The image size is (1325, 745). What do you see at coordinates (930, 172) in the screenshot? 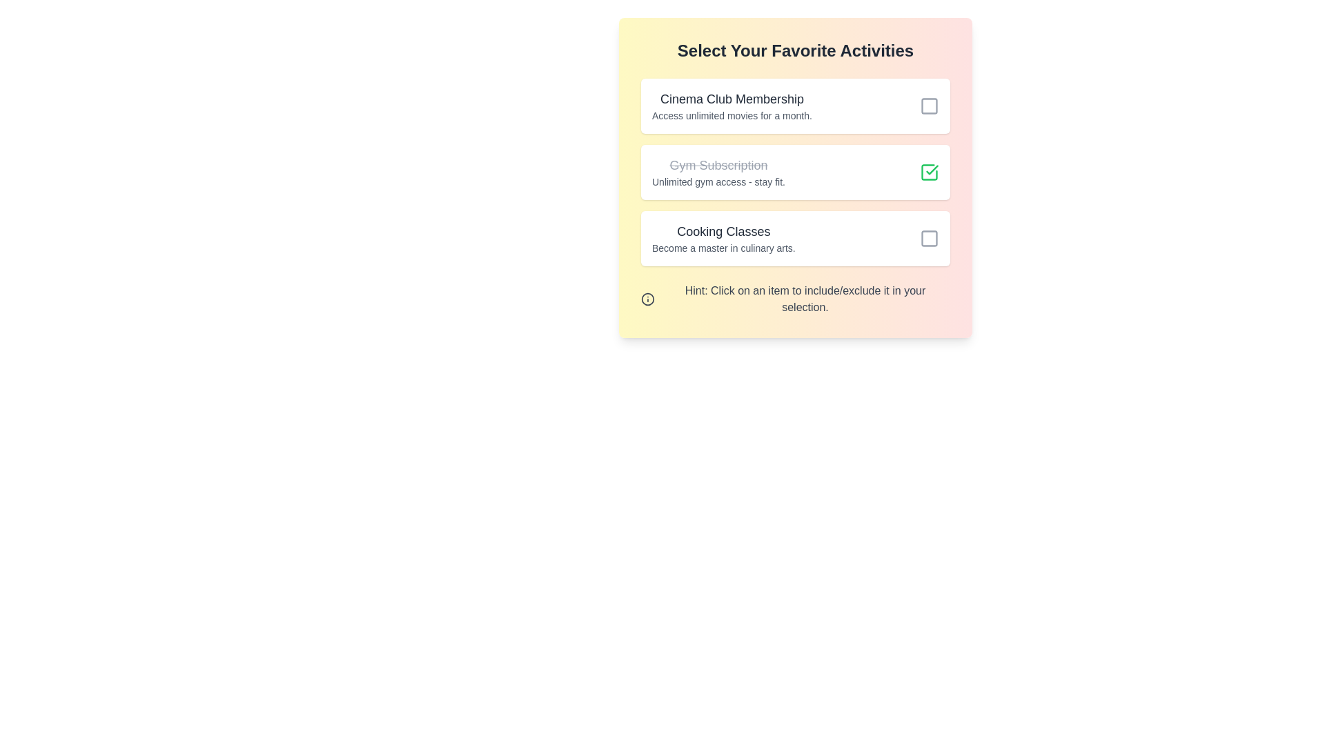
I see `the 'Gym Subscription' checkbox` at bounding box center [930, 172].